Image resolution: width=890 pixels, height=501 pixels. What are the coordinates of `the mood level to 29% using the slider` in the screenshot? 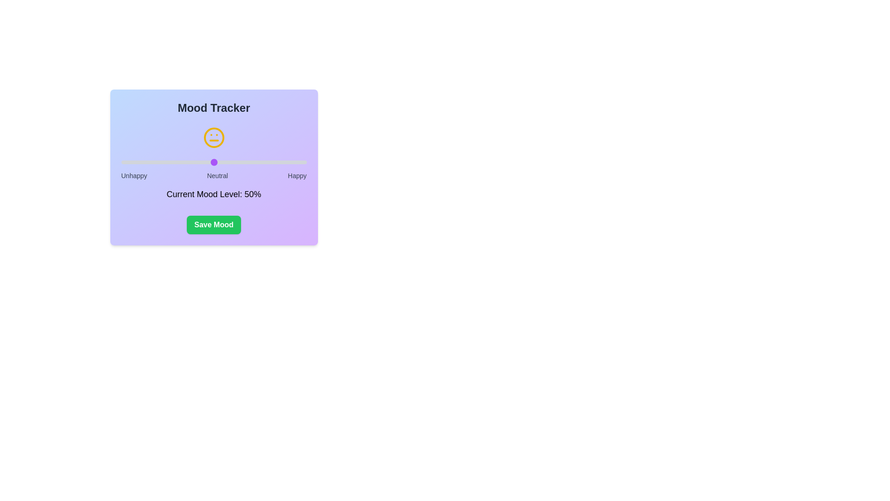 It's located at (175, 162).